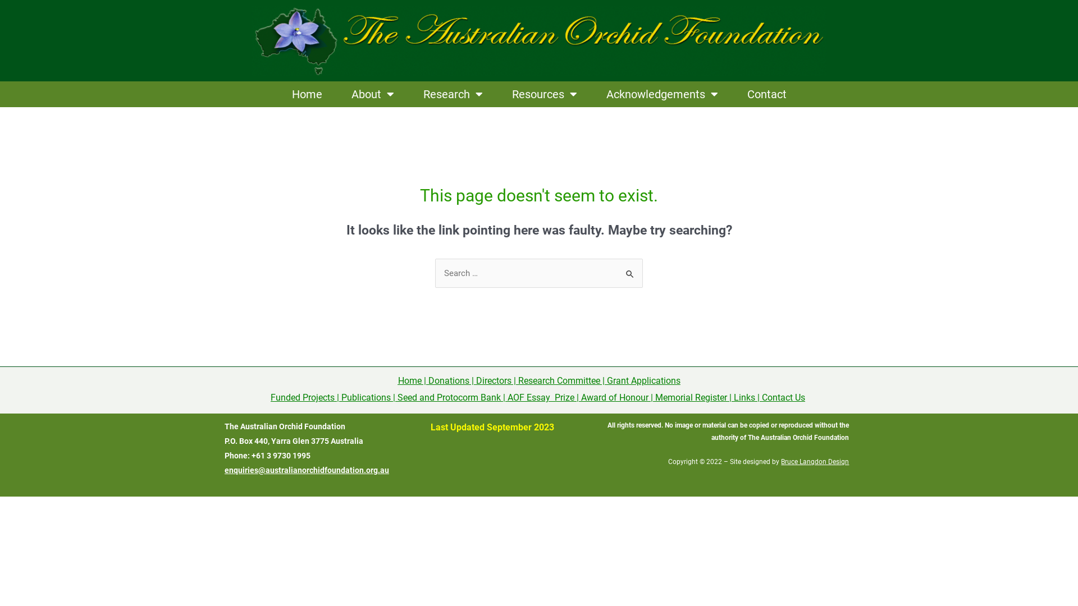 The image size is (1078, 606). Describe the element at coordinates (544, 94) in the screenshot. I see `'Resources'` at that location.